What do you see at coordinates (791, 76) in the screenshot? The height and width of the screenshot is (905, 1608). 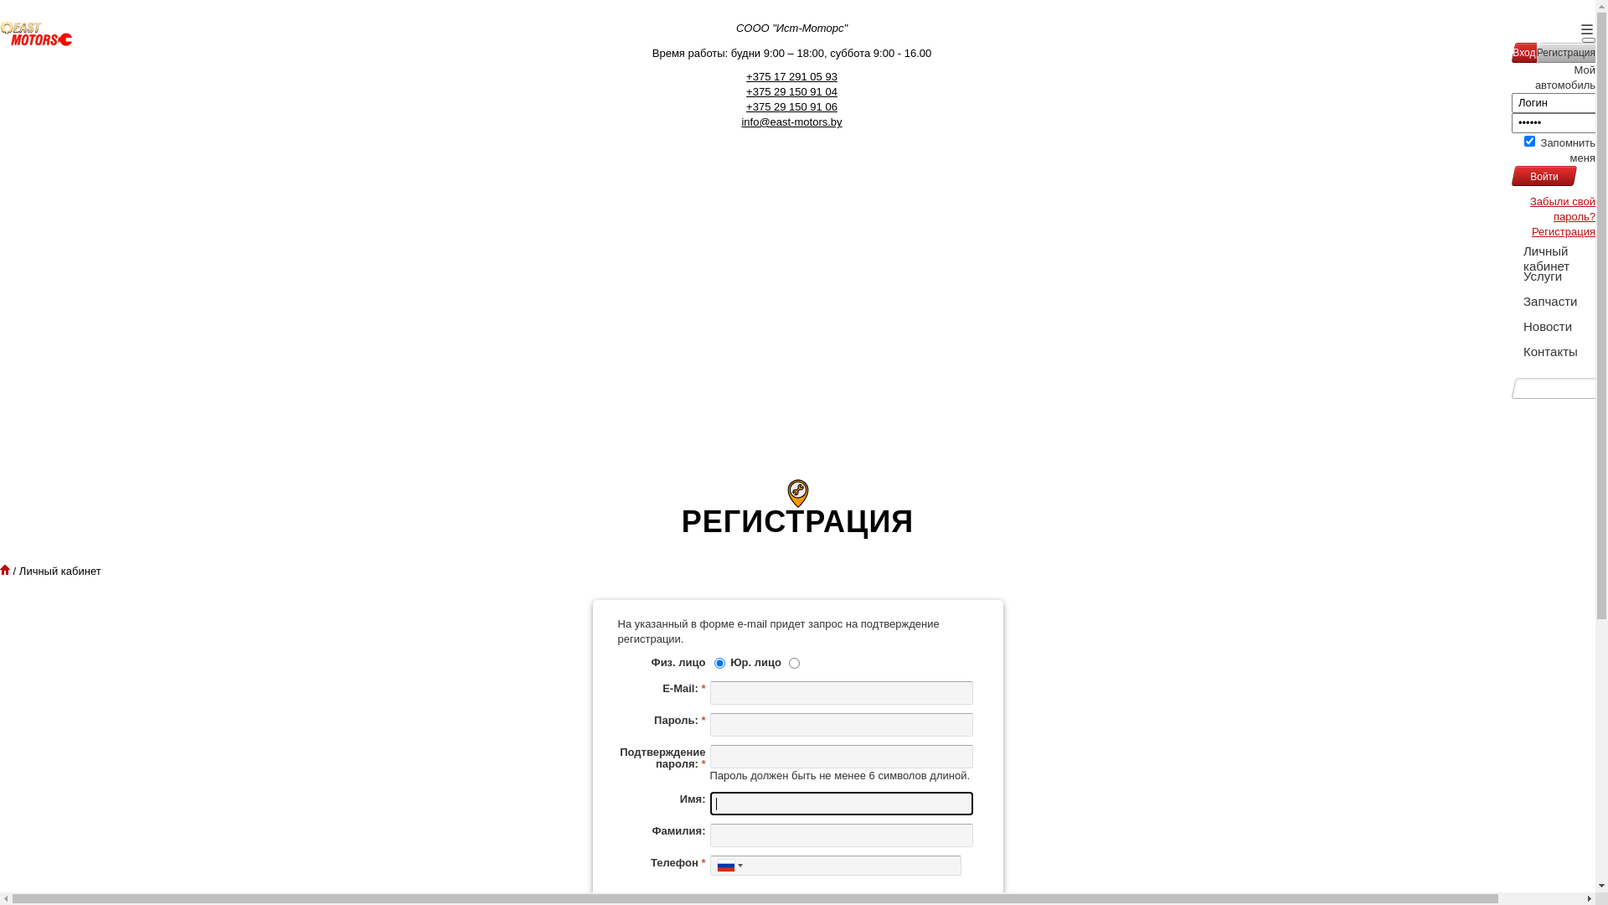 I see `'+375 17 291 05 93'` at bounding box center [791, 76].